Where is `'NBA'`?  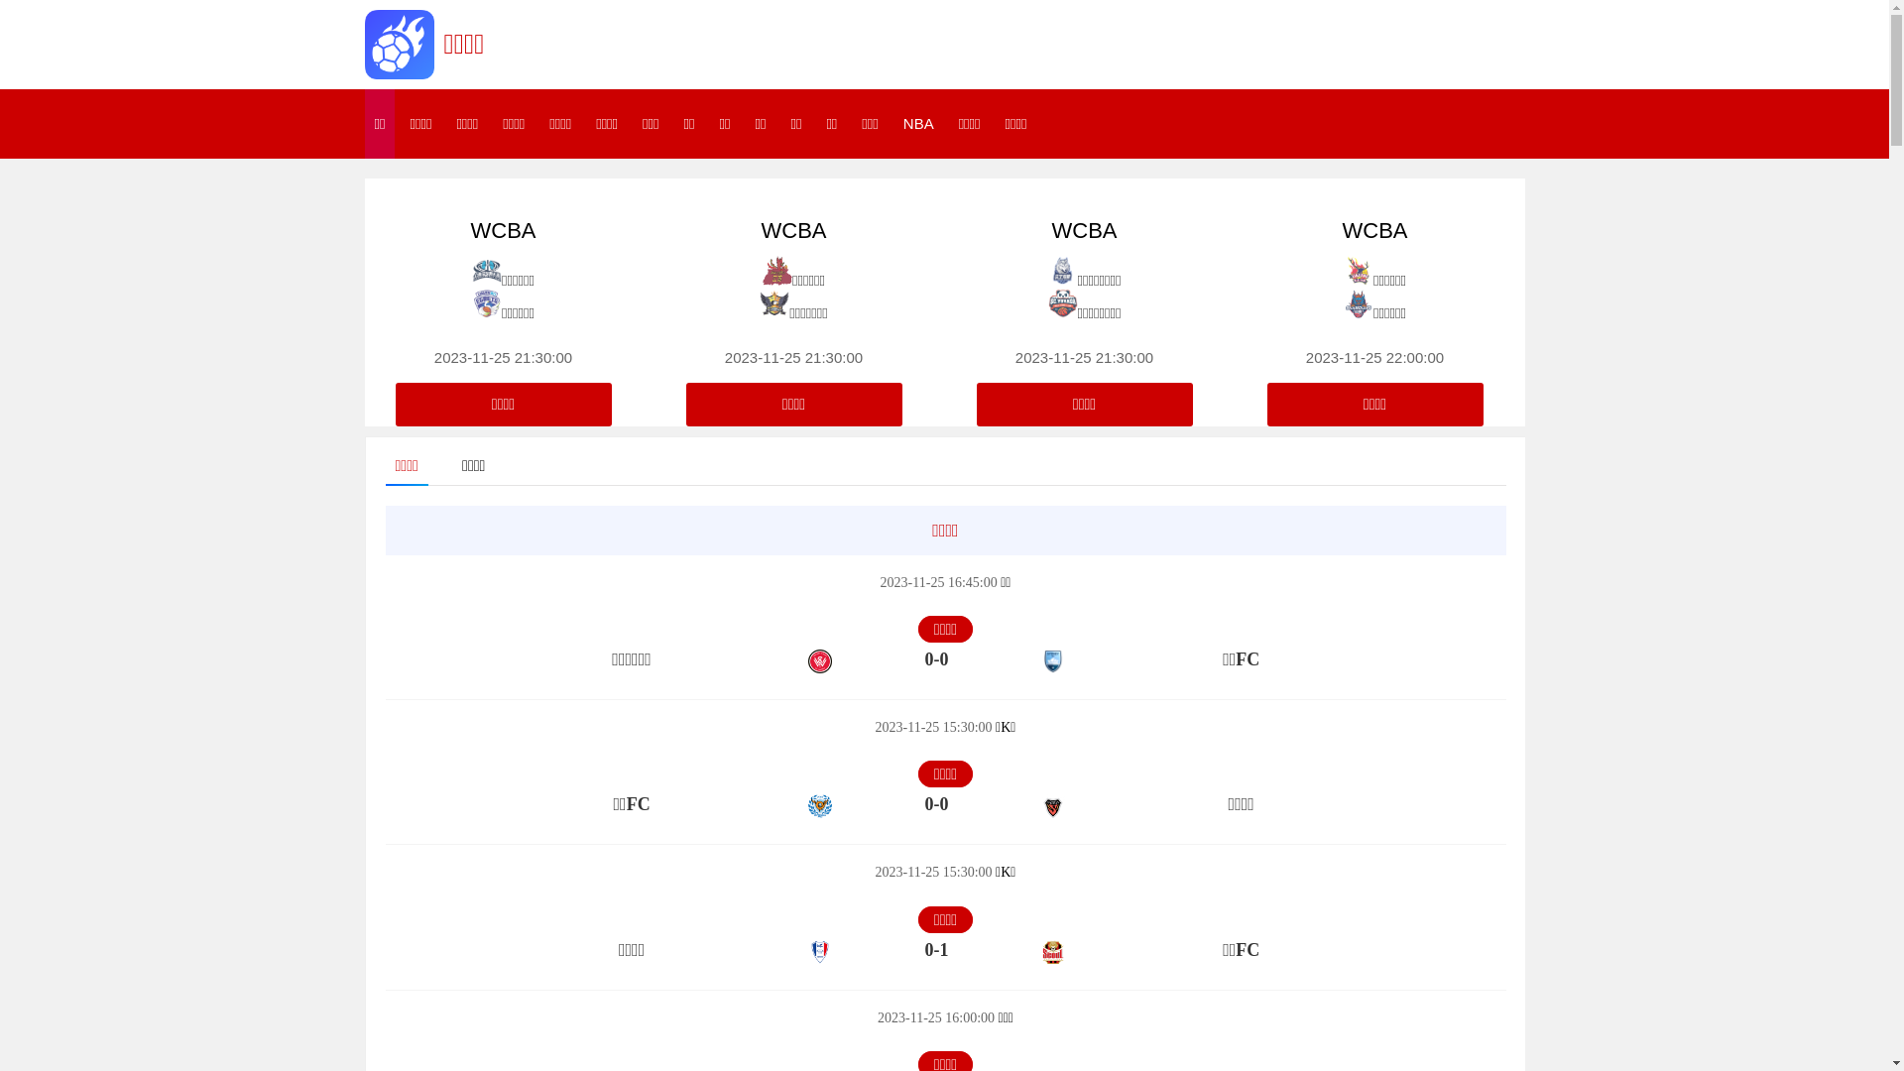 'NBA' is located at coordinates (917, 123).